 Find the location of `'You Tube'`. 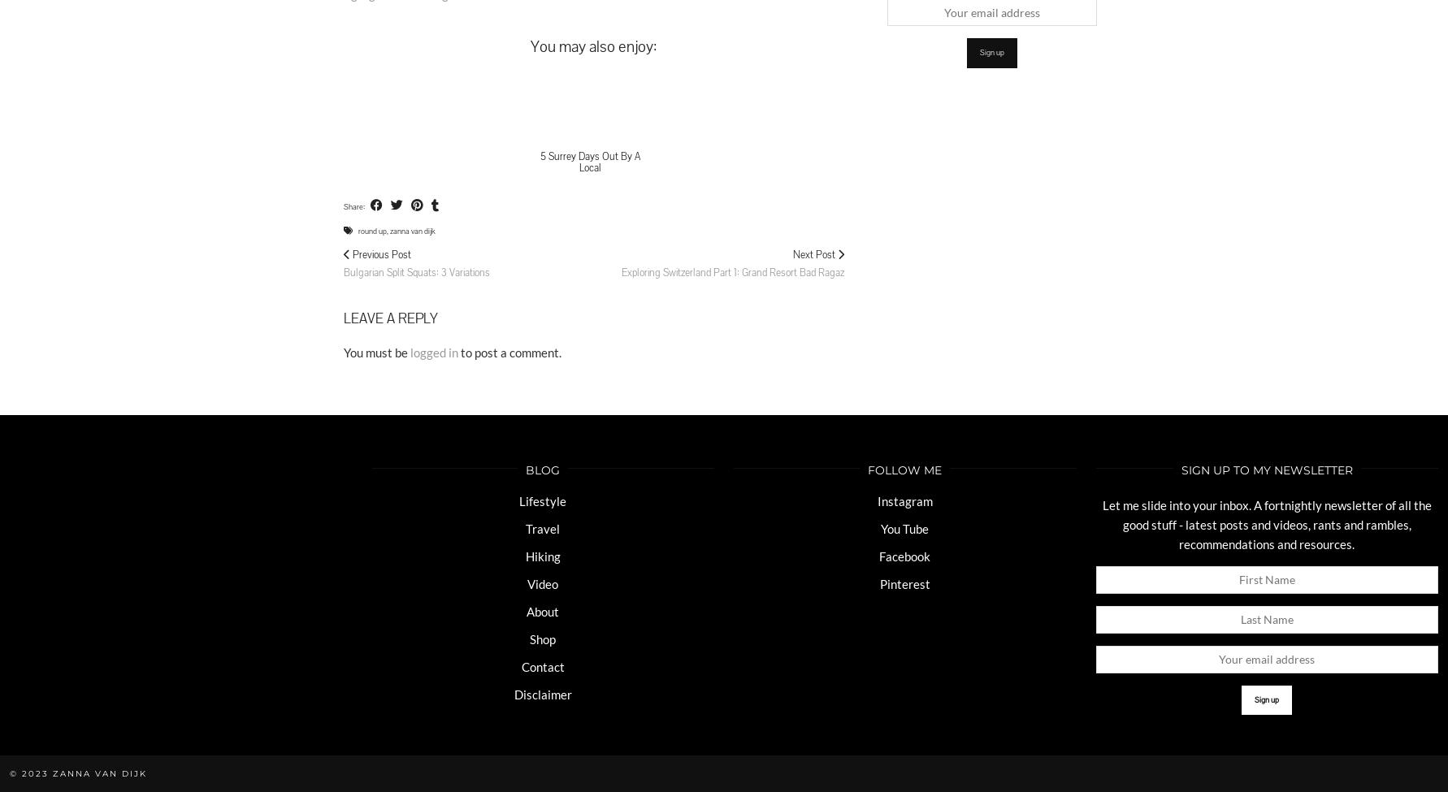

'You Tube' is located at coordinates (904, 528).